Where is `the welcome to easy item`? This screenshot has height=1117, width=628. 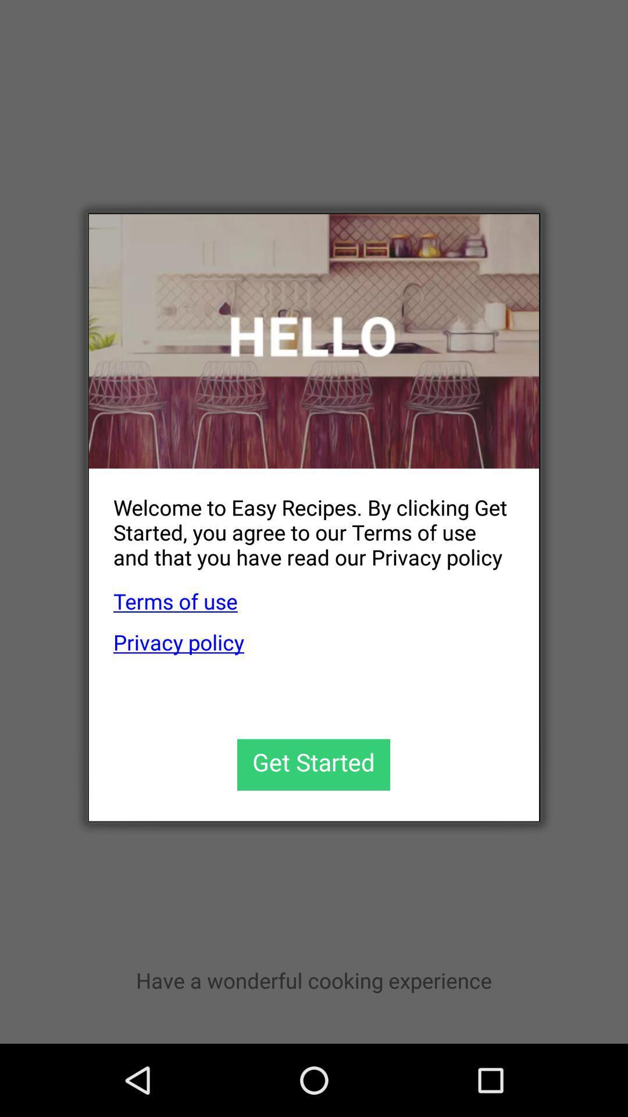
the welcome to easy item is located at coordinates (301, 522).